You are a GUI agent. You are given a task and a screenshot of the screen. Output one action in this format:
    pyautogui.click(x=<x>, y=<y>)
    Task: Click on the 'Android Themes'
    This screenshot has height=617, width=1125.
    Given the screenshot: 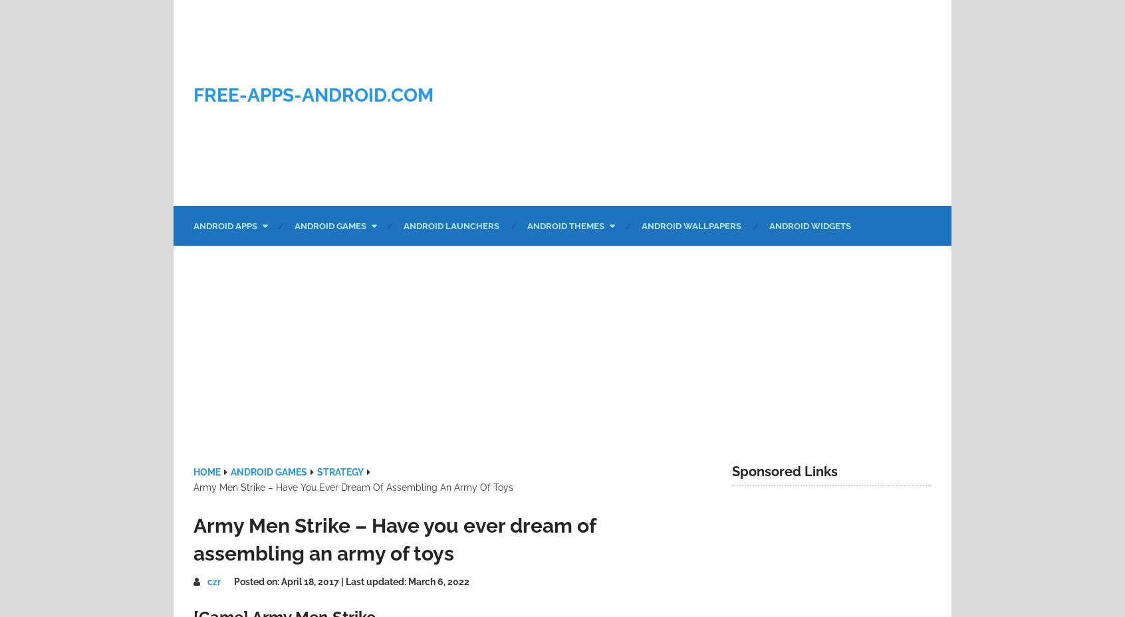 What is the action you would take?
    pyautogui.click(x=527, y=225)
    